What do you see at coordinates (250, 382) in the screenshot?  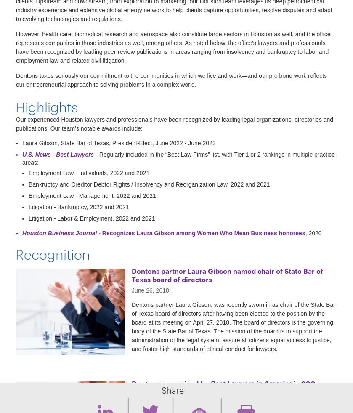 I see `'Best Lawyers in America'` at bounding box center [250, 382].